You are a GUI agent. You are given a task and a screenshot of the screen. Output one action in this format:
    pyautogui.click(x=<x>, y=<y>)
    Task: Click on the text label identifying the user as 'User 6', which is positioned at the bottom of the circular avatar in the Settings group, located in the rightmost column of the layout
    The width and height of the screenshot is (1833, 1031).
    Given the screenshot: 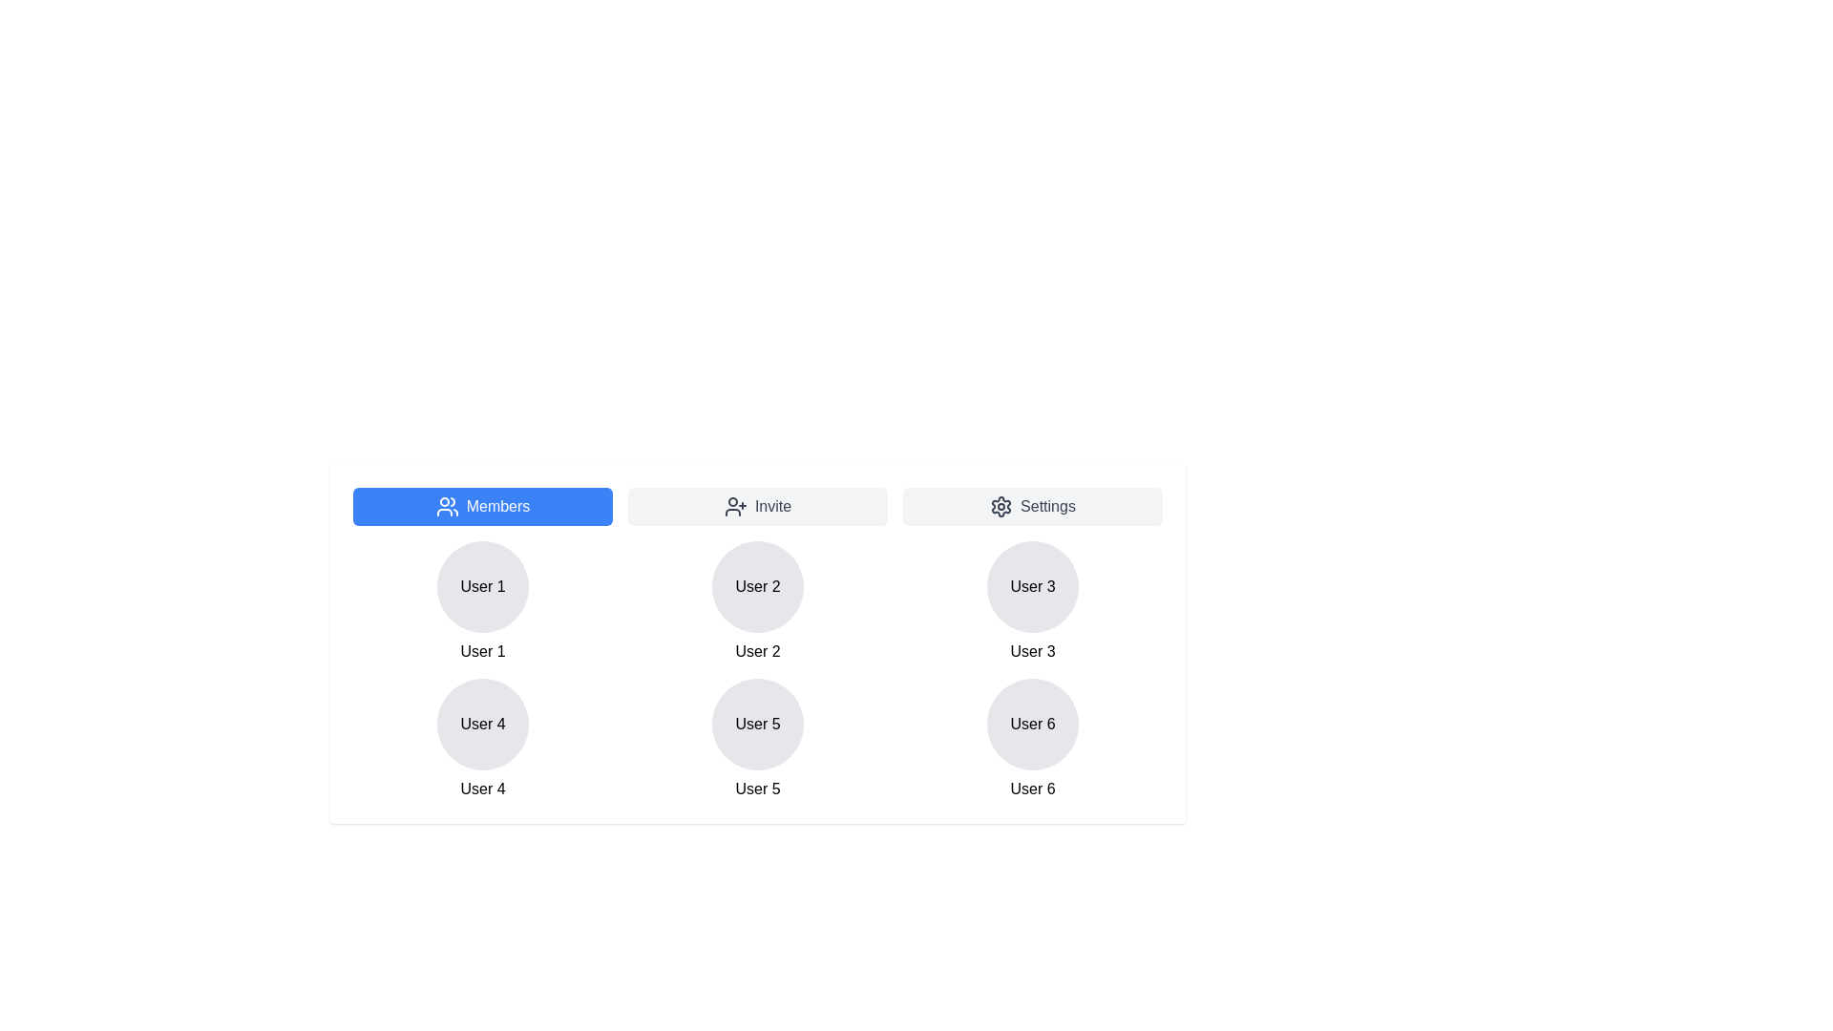 What is the action you would take?
    pyautogui.click(x=1031, y=789)
    